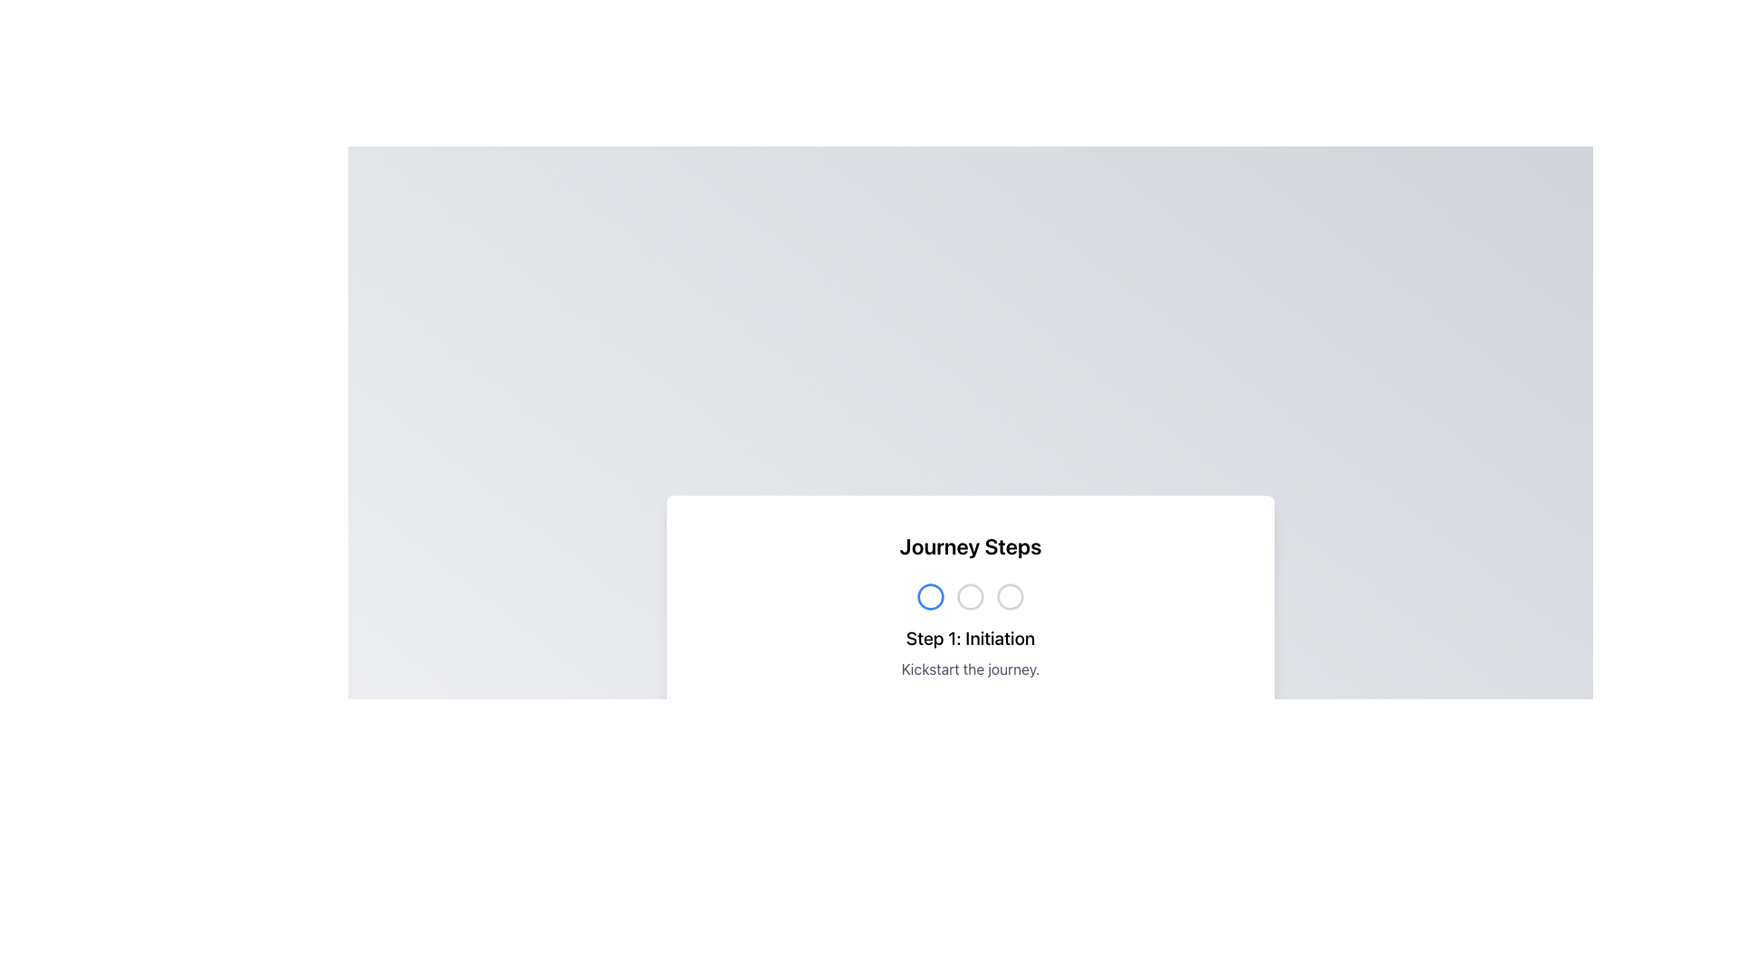  I want to click on the current stage status by interacting with the second circle of the Progress Indicator in the Journey Steps tracker, so click(970, 596).